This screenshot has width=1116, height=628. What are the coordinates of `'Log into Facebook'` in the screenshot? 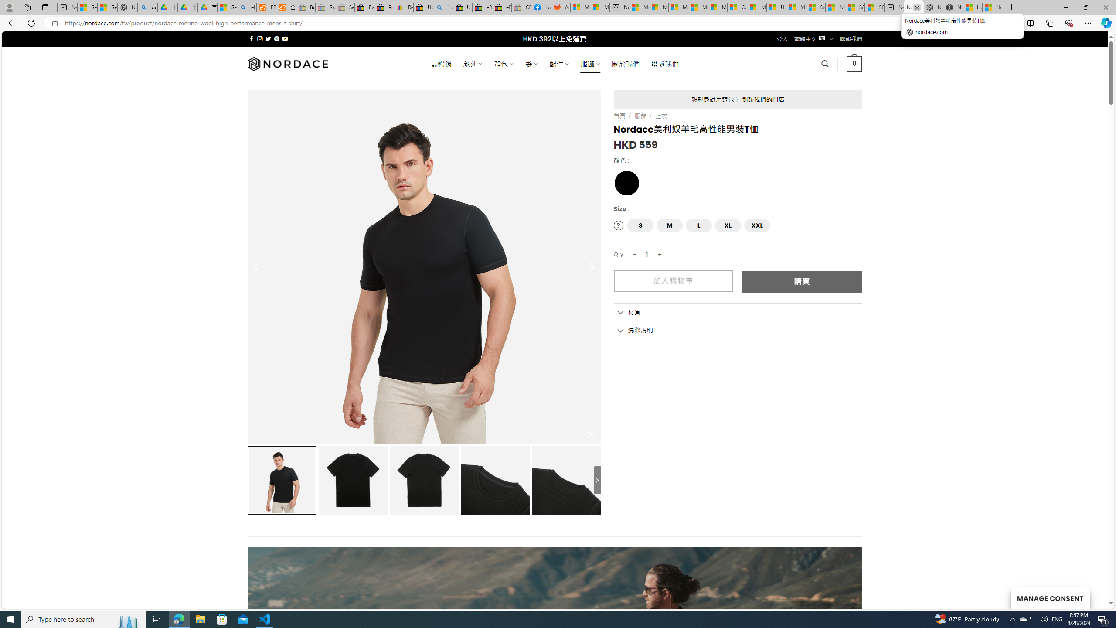 It's located at (541, 7).